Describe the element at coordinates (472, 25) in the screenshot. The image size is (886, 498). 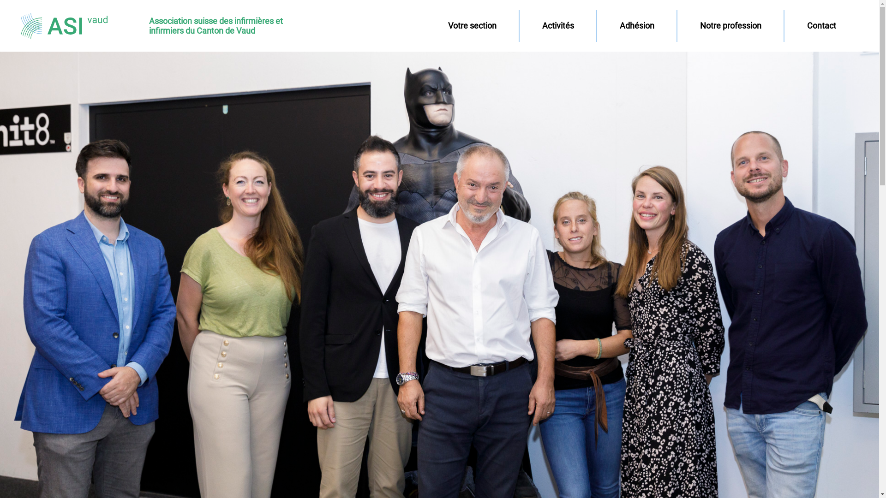
I see `'Votre section'` at that location.